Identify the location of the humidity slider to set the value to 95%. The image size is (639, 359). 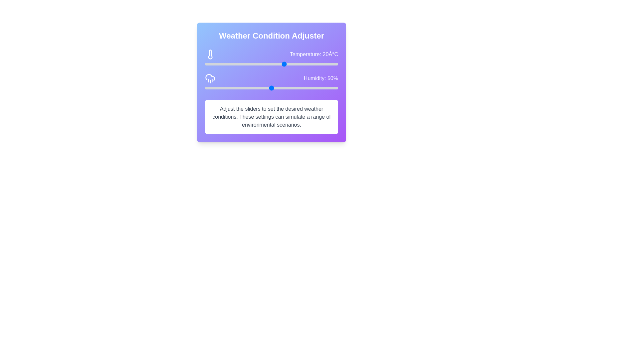
(331, 88).